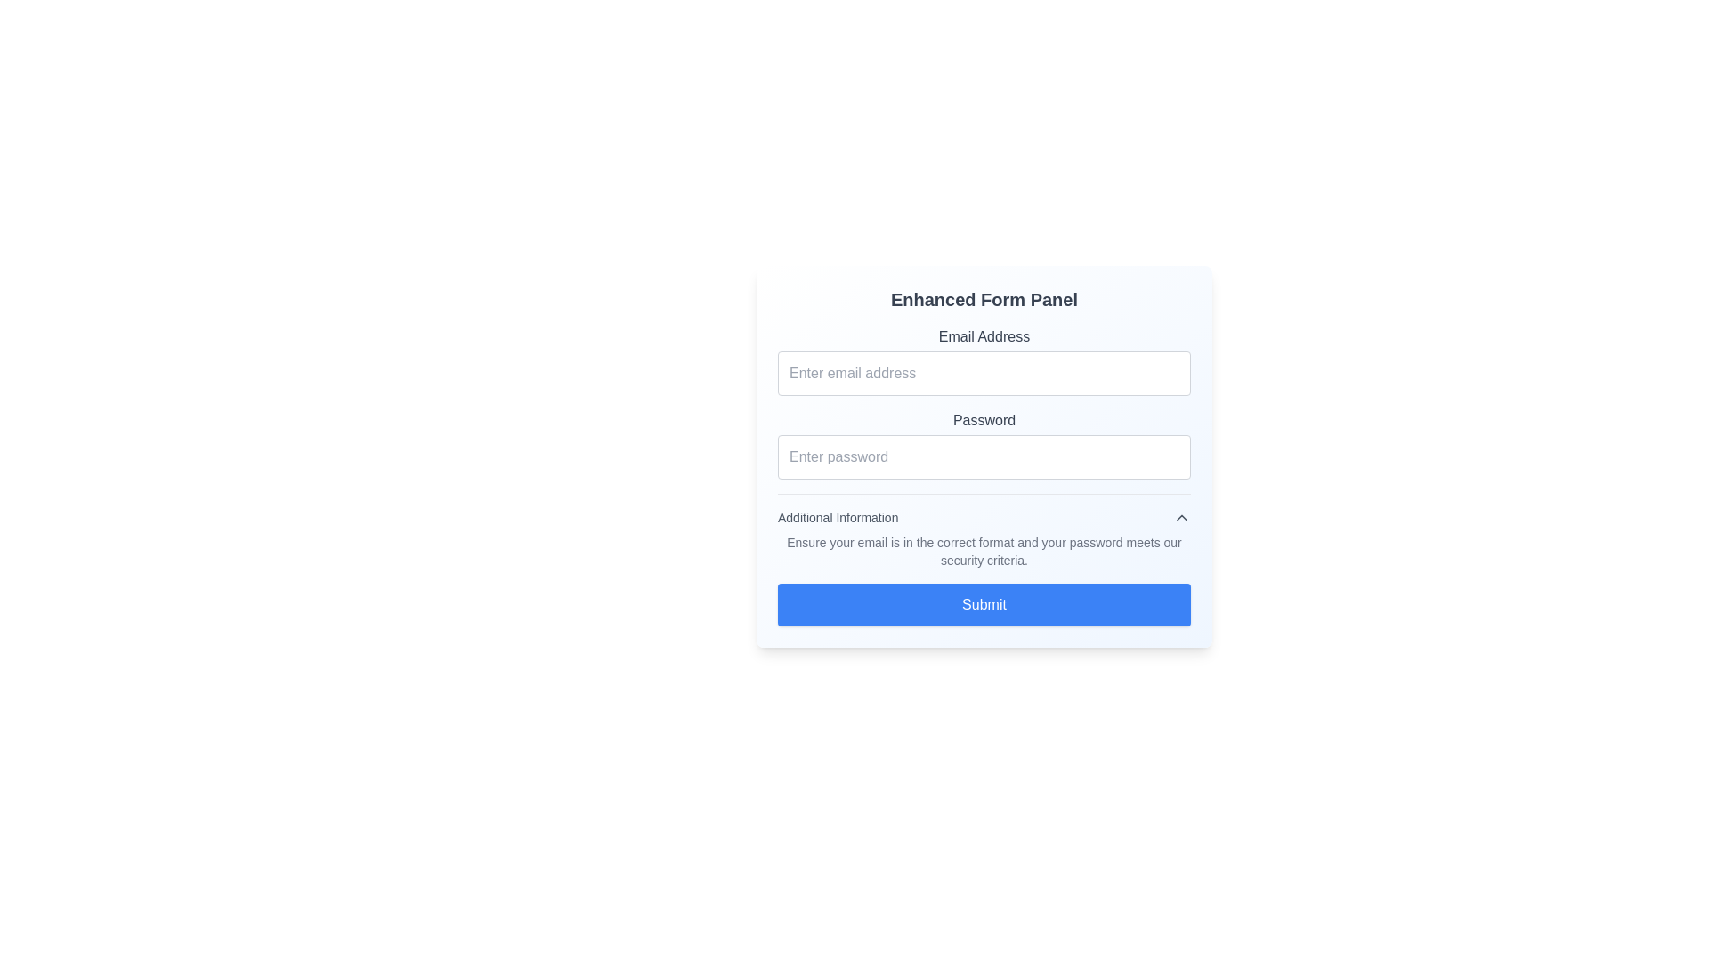 The width and height of the screenshot is (1709, 961). What do you see at coordinates (1182, 518) in the screenshot?
I see `the Chevron Up icon located at the right end of the 'Additional Information' header section` at bounding box center [1182, 518].